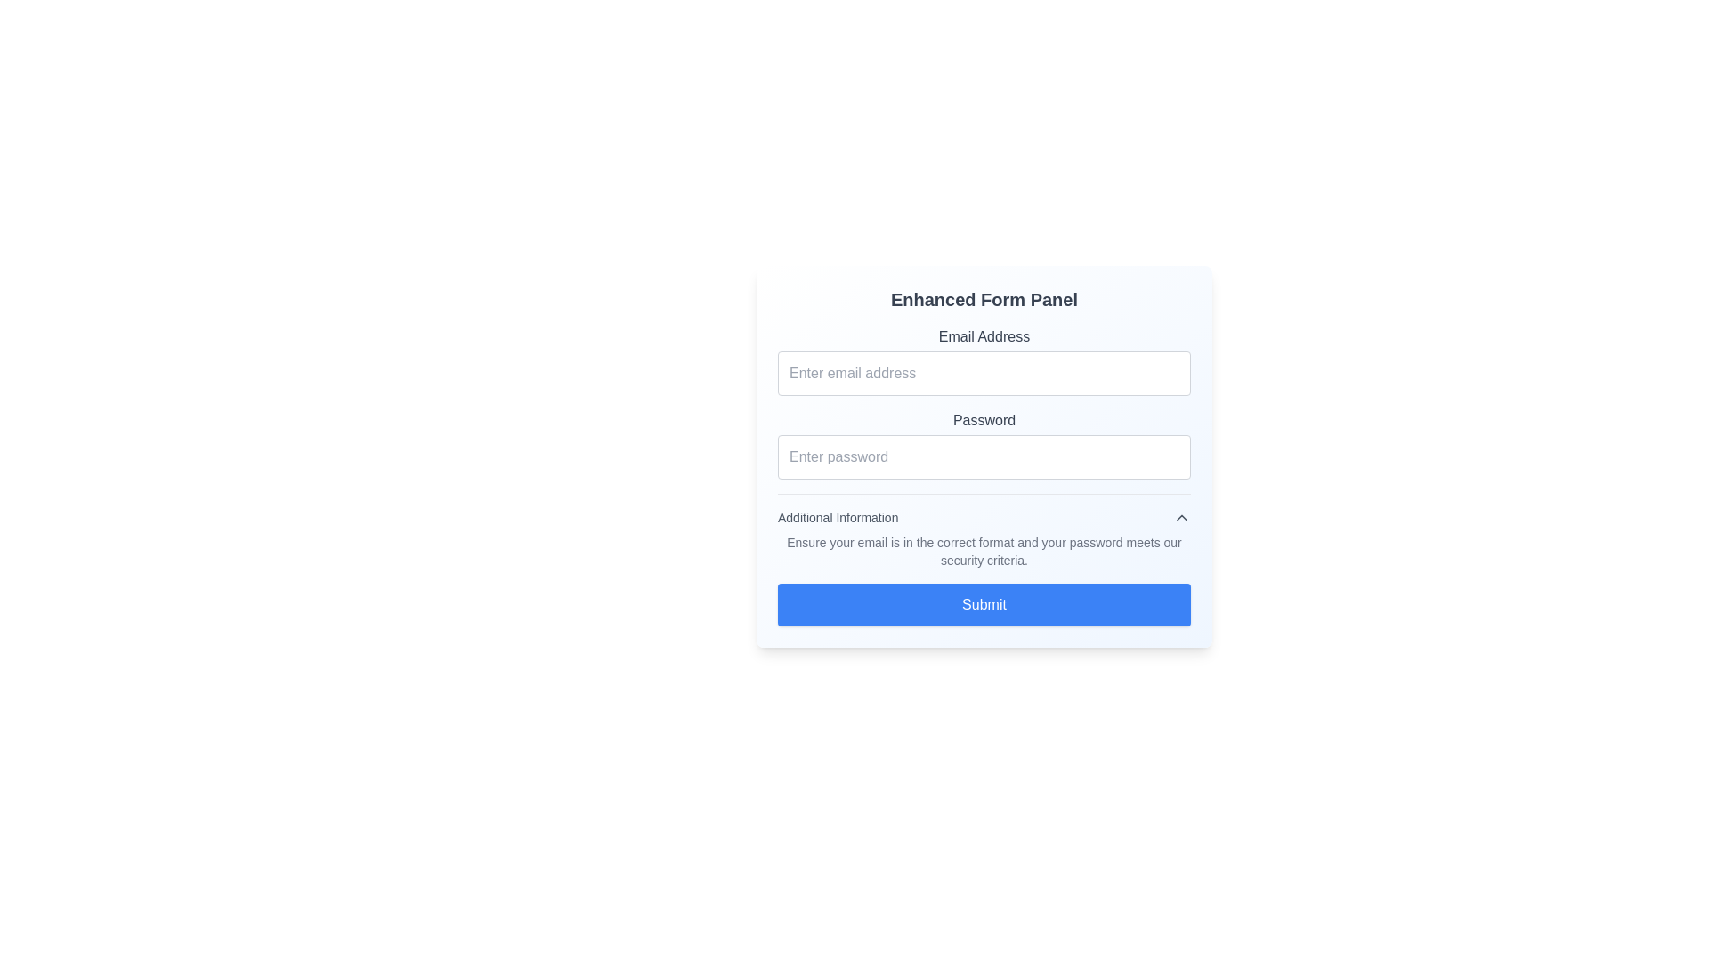 The width and height of the screenshot is (1709, 961). What do you see at coordinates (1182, 518) in the screenshot?
I see `the Chevron Up icon located at the right end of the 'Additional Information' header section` at bounding box center [1182, 518].